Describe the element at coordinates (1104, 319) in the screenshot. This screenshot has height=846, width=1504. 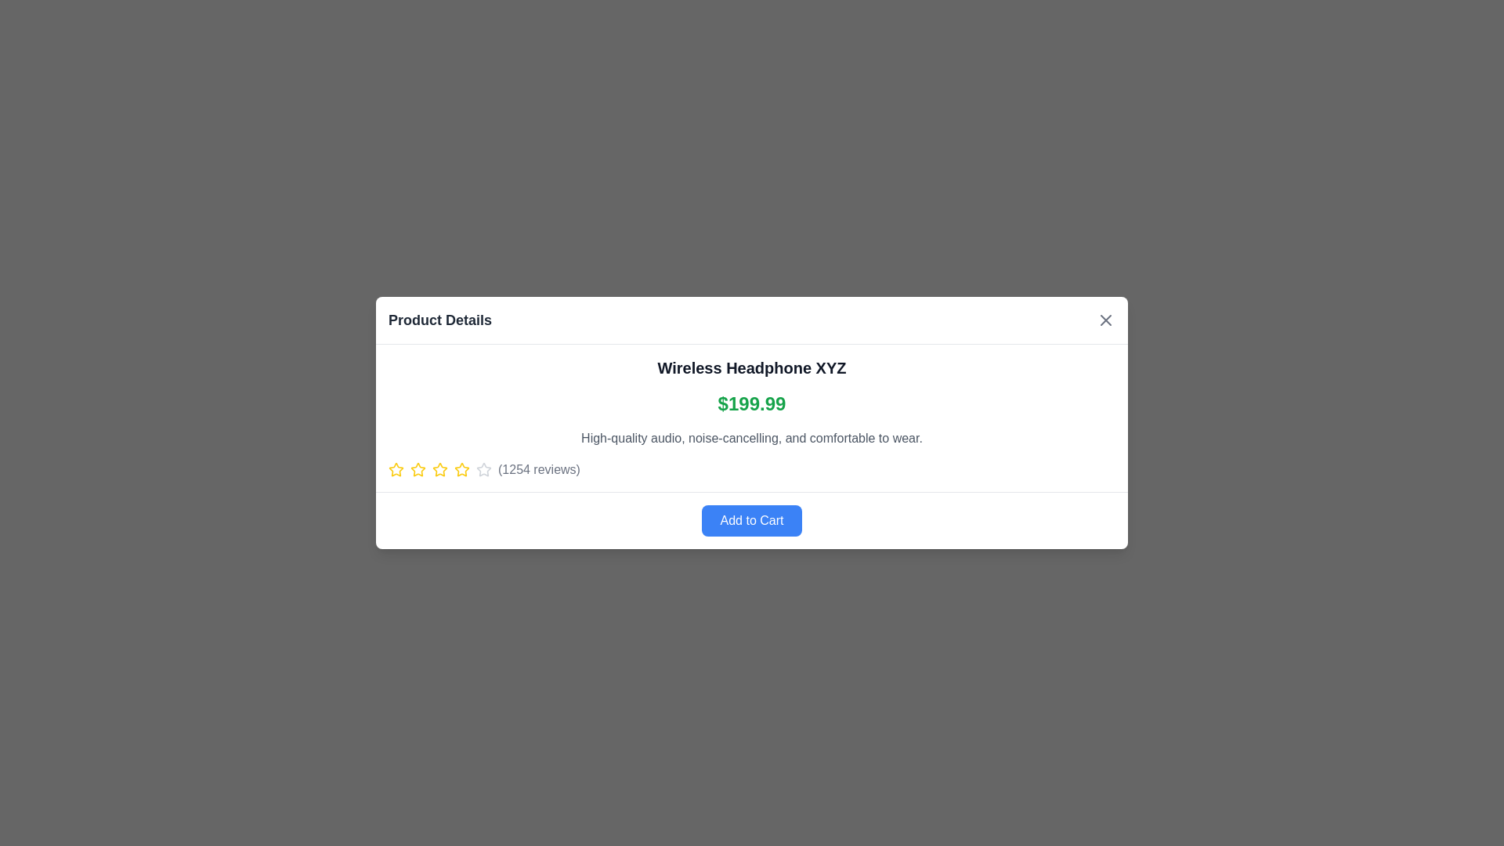
I see `the Close icon located at the top-right corner of the modal` at that location.